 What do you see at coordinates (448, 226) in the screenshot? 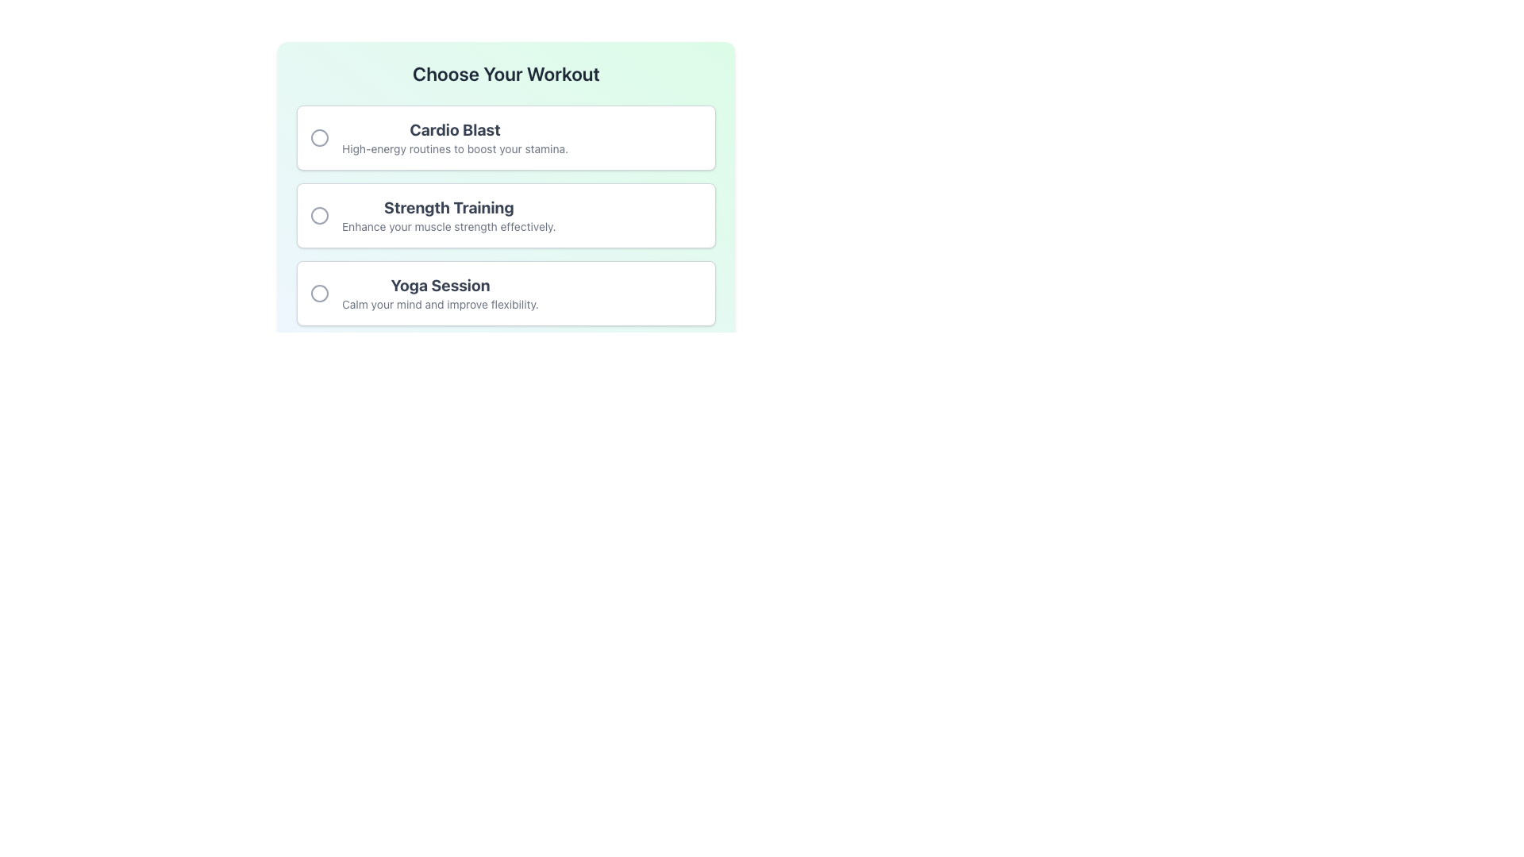
I see `the text label that provides additional descriptive information about the 'Strength Training' option, positioned below the bold title 'Strength Training'` at bounding box center [448, 226].